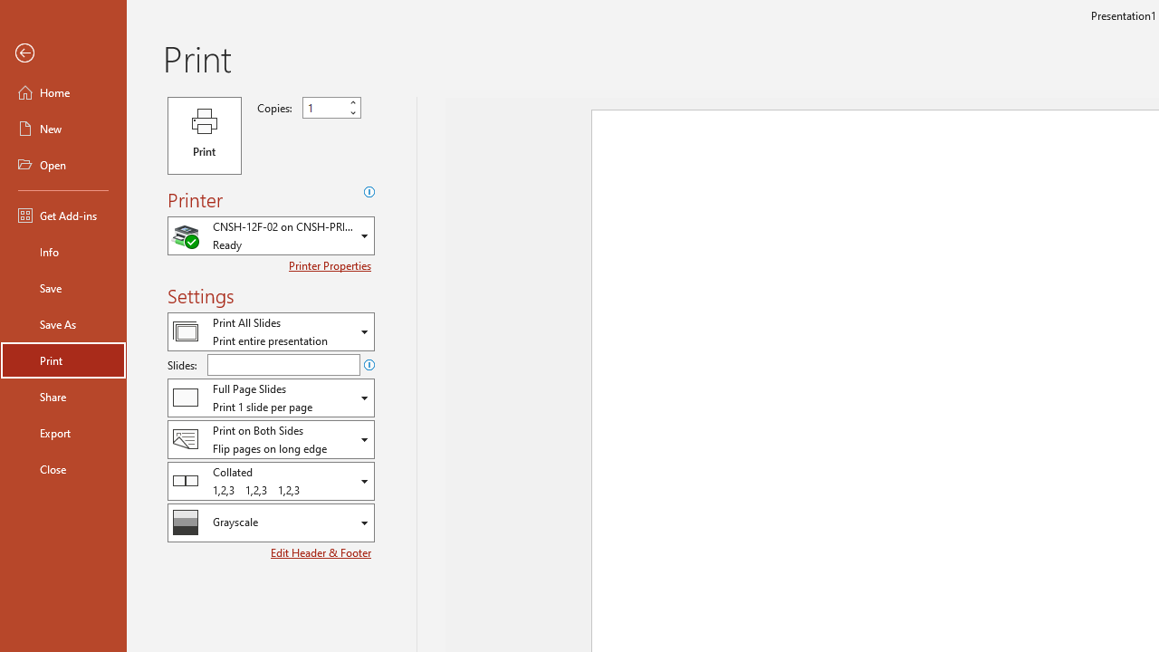 The height and width of the screenshot is (652, 1159). I want to click on 'Which Printer', so click(270, 235).